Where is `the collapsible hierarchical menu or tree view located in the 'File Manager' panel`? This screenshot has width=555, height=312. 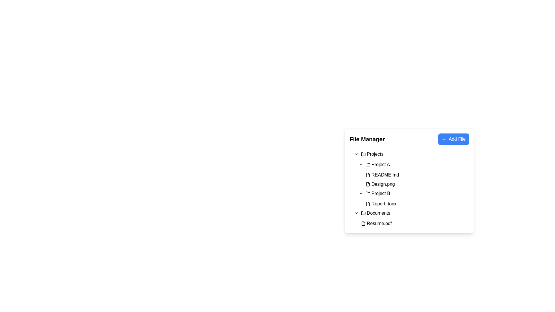 the collapsible hierarchical menu or tree view located in the 'File Manager' panel is located at coordinates (409, 189).